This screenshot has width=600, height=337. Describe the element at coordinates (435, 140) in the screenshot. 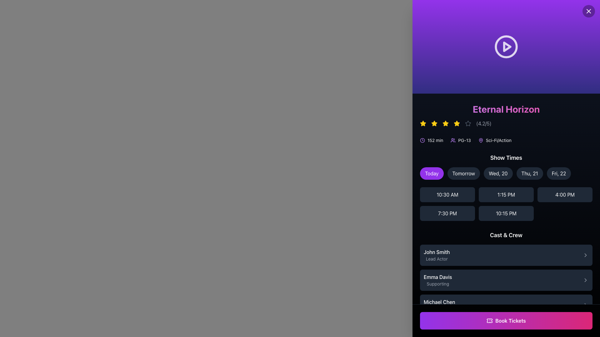

I see `the static text displaying '152 min', which is a light-colored label against a dark background, positioned to the right of a clock icon` at that location.